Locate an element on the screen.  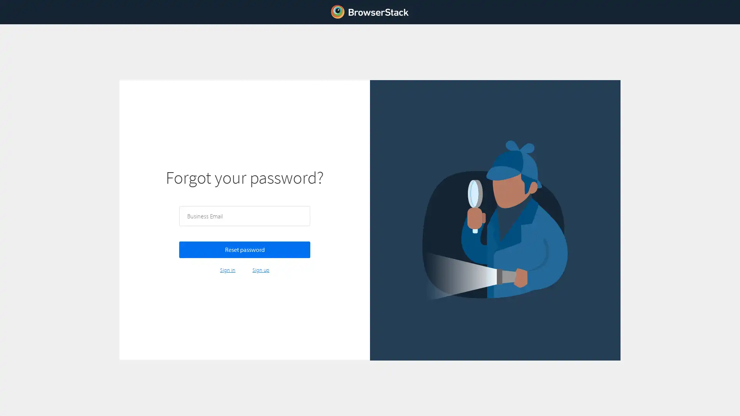
Skip to main content is located at coordinates (1, 3).